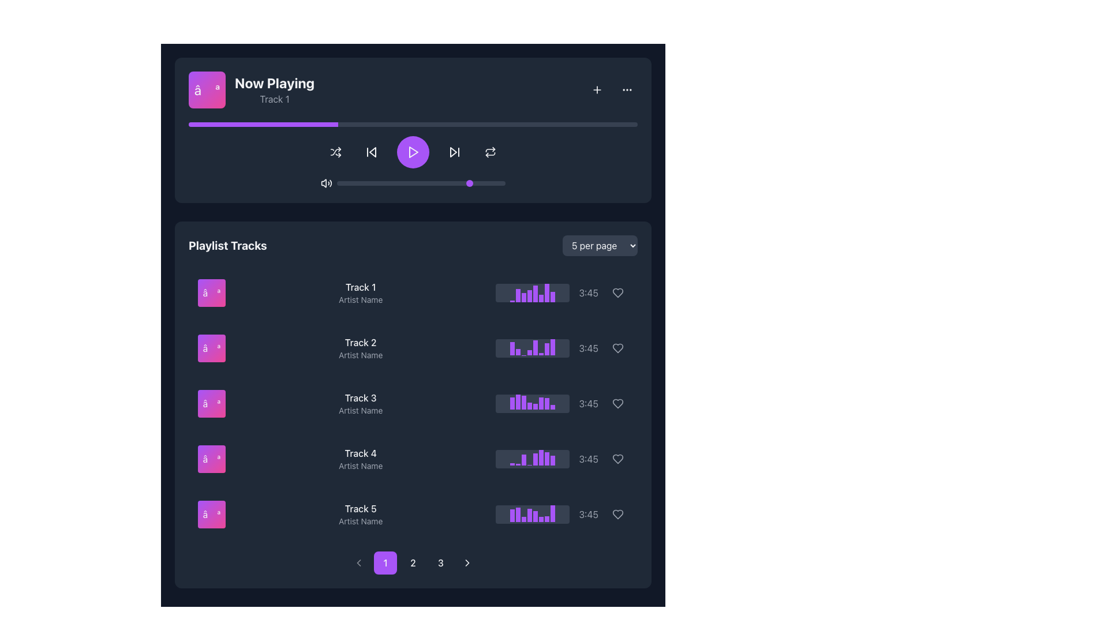 Image resolution: width=1108 pixels, height=623 pixels. I want to click on the small triangular skip-back icon, which is the second component in the media control interface, to skip back to the previous track, so click(373, 151).